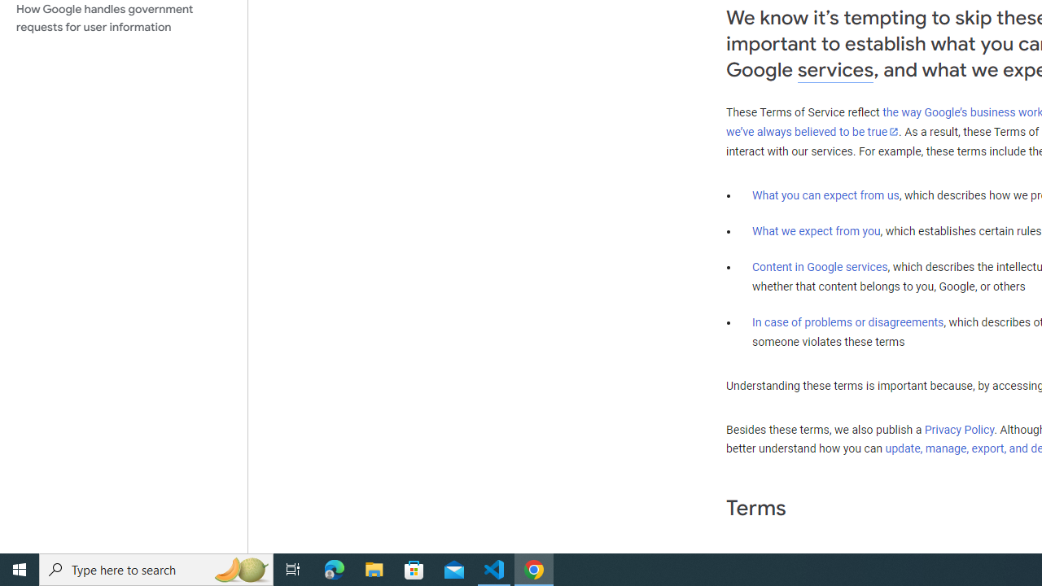 The height and width of the screenshot is (586, 1042). Describe the element at coordinates (847, 322) in the screenshot. I see `'In case of problems or disagreements'` at that location.